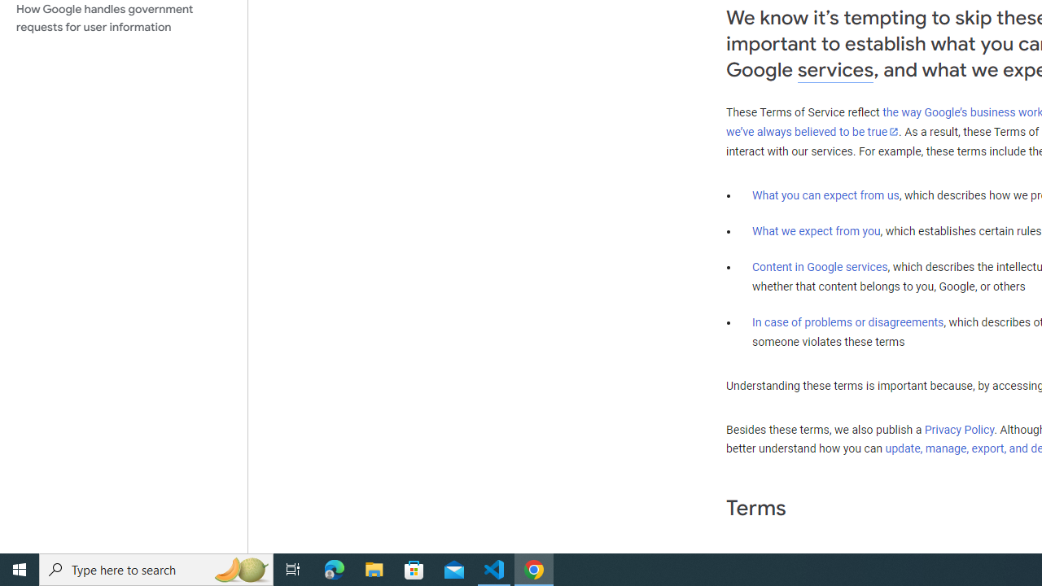 The height and width of the screenshot is (586, 1042). Describe the element at coordinates (847, 322) in the screenshot. I see `'In case of problems or disagreements'` at that location.